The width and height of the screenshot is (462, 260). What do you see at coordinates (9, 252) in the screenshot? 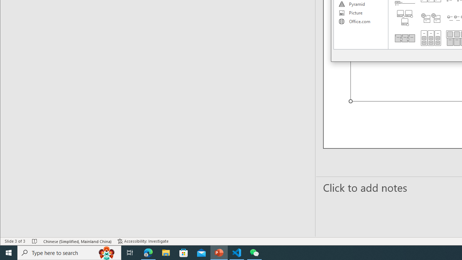
I see `'Start'` at bounding box center [9, 252].